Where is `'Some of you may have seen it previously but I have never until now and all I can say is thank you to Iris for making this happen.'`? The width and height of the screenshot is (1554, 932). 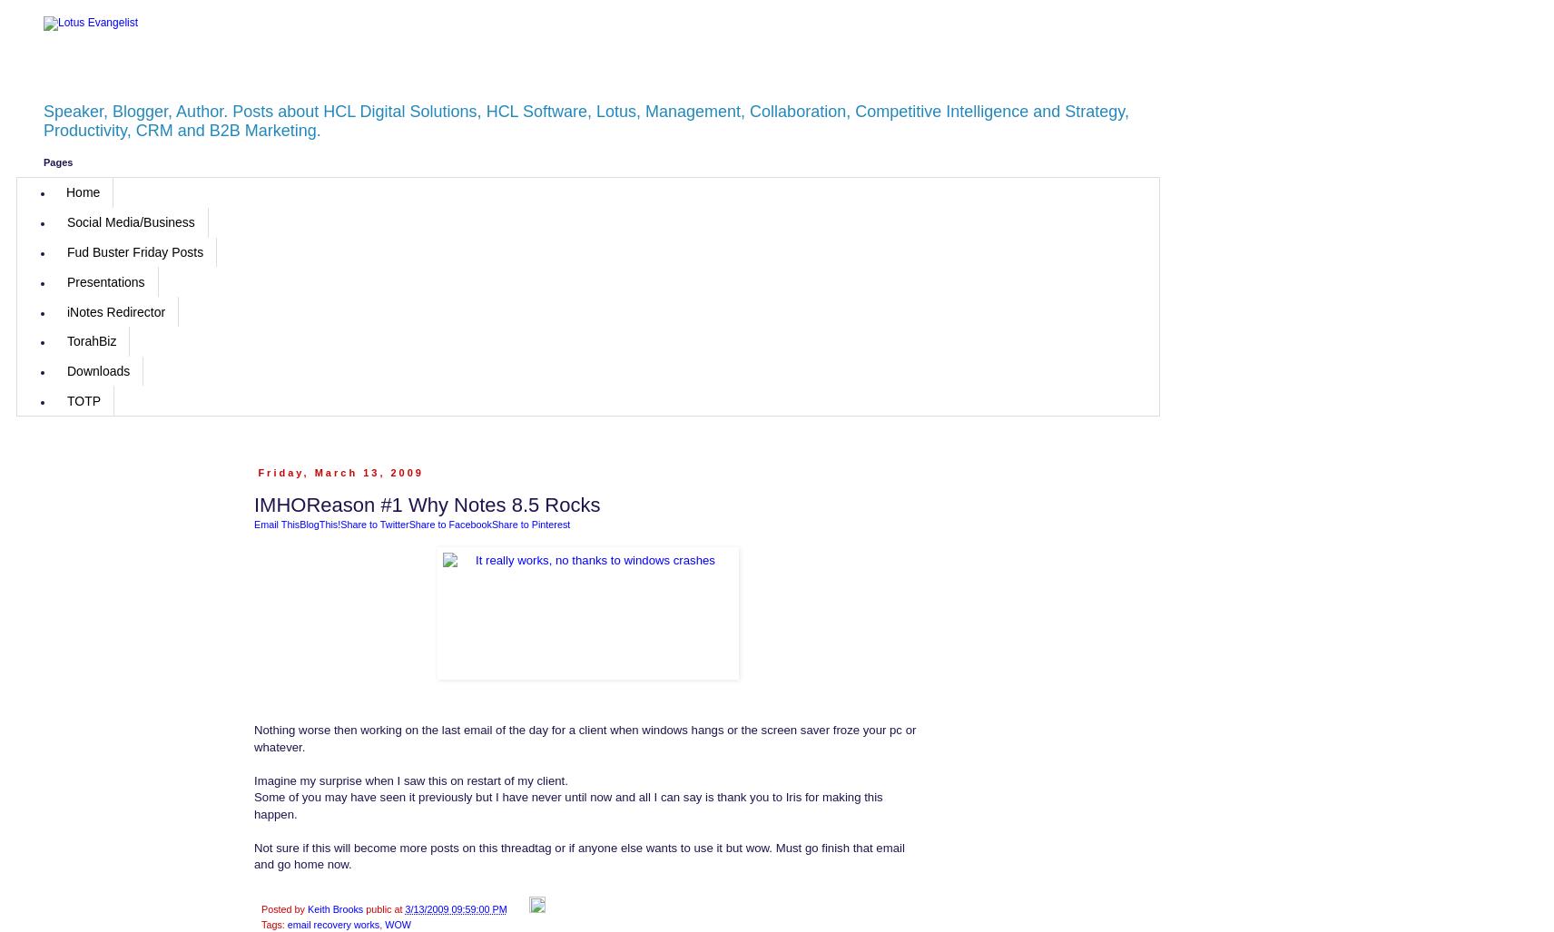
'Some of you may have seen it previously but I have never until now and all I can say is thank you to Iris for making this happen.' is located at coordinates (567, 804).